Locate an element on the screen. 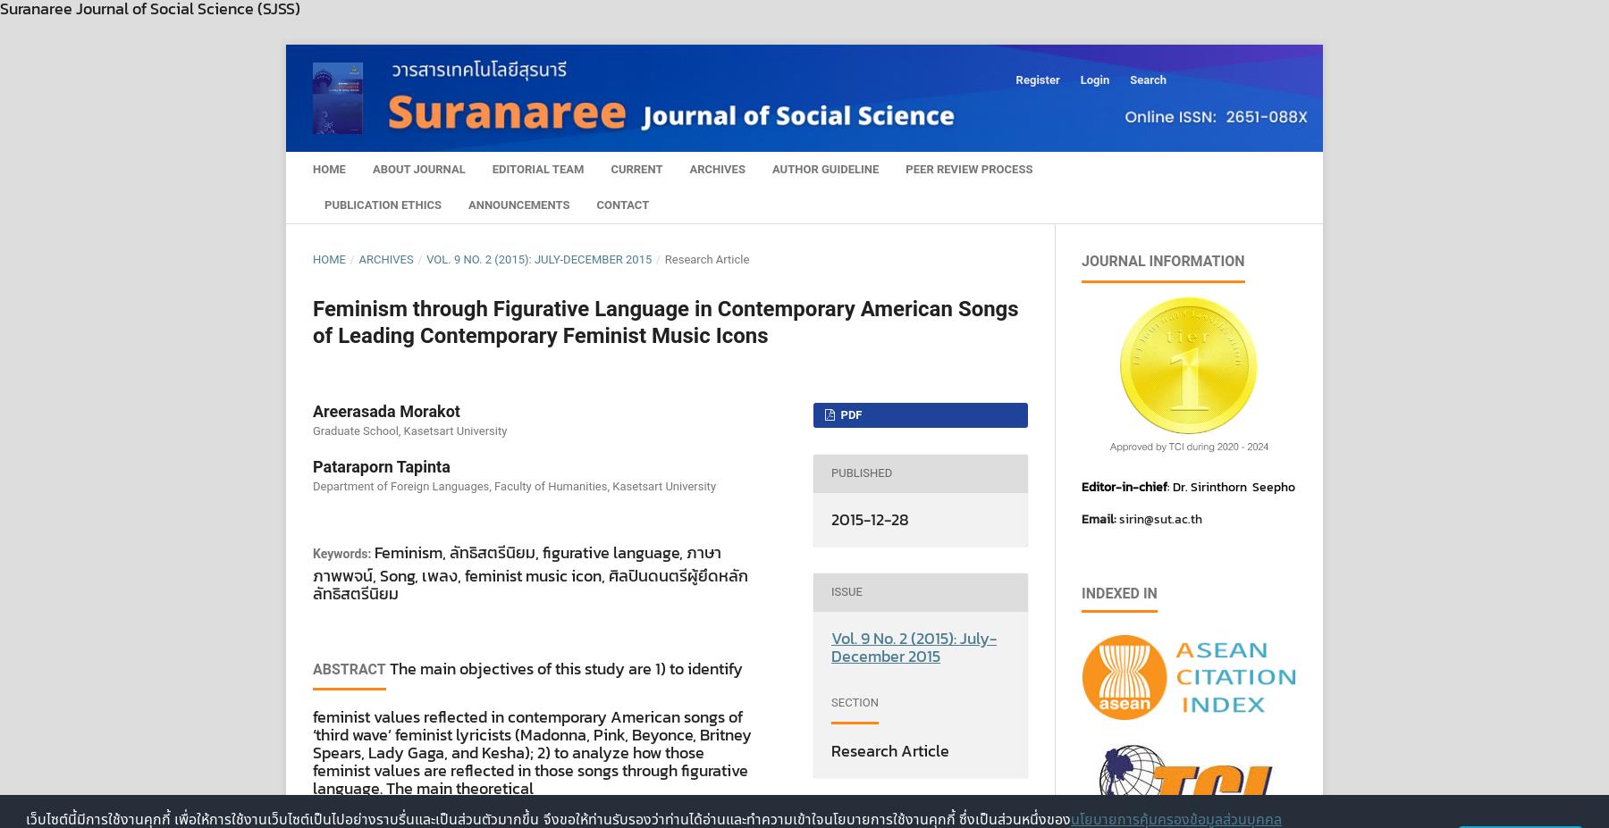 The height and width of the screenshot is (828, 1609). 'Editor-in-chief' is located at coordinates (1125, 487).